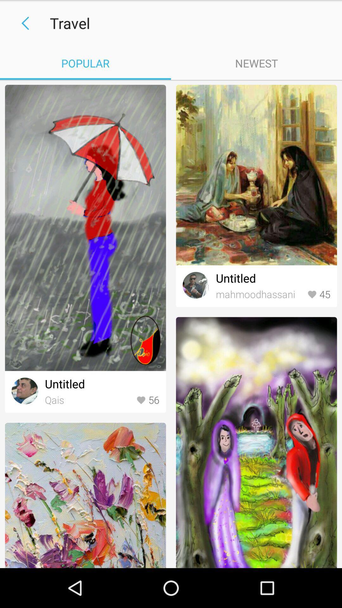 This screenshot has height=608, width=342. Describe the element at coordinates (148, 400) in the screenshot. I see `icon next to qais item` at that location.